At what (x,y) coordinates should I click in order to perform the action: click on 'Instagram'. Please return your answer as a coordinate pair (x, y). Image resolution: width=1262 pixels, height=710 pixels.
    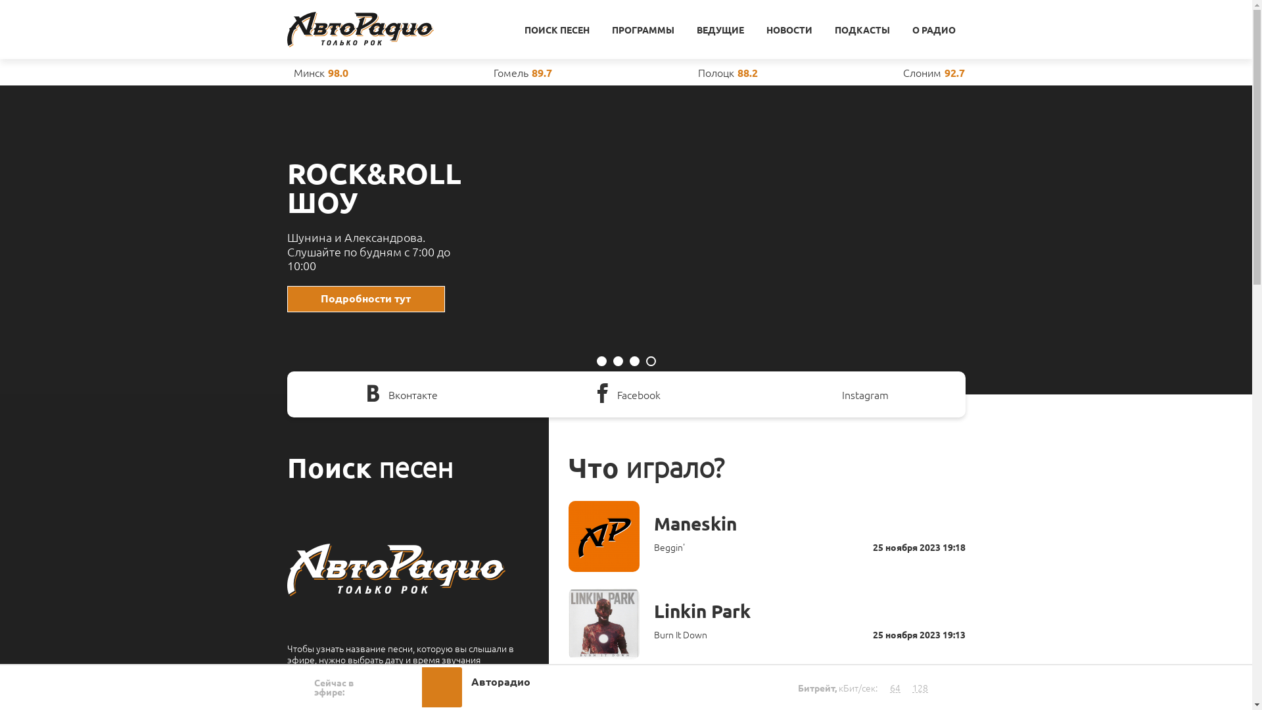
    Looking at the image, I should click on (852, 394).